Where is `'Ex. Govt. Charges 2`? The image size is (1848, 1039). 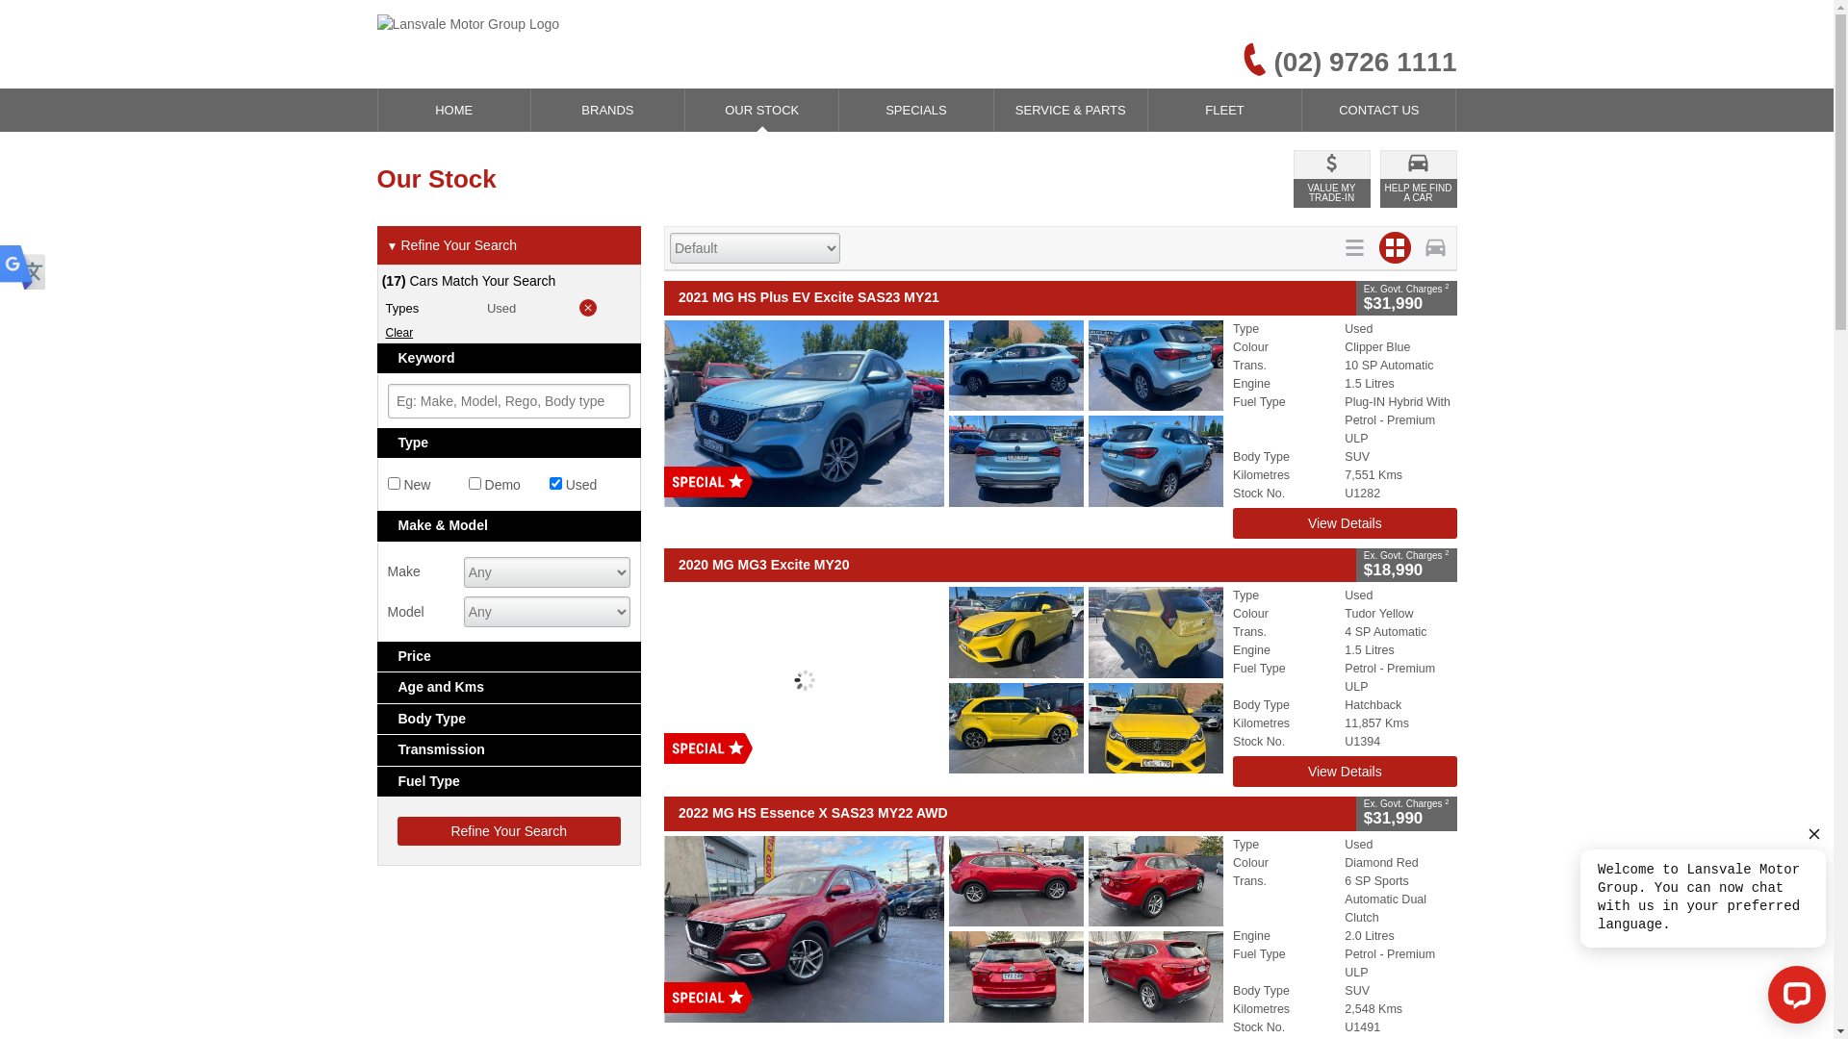
'Ex. Govt. Charges 2 is located at coordinates (1355, 564).